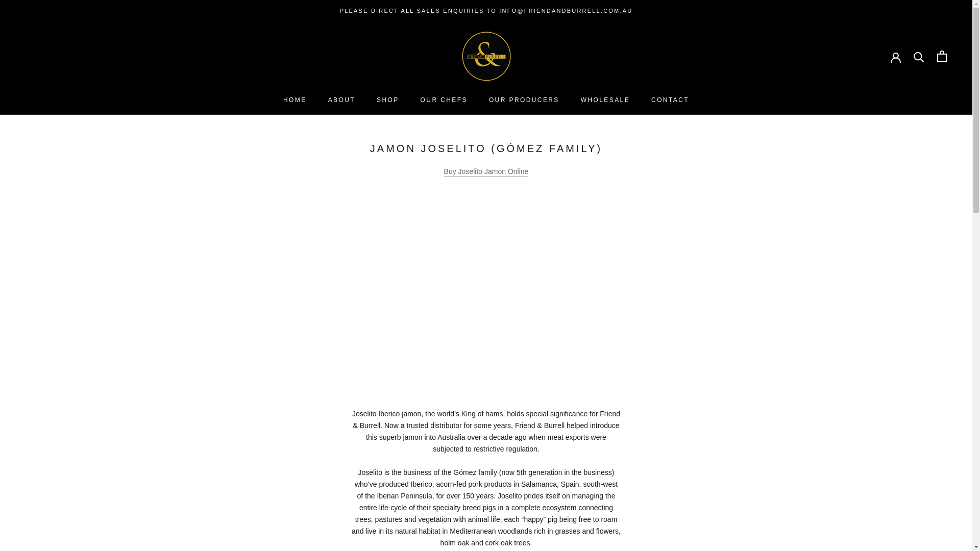  Describe the element at coordinates (341, 100) in the screenshot. I see `'ABOUT` at that location.